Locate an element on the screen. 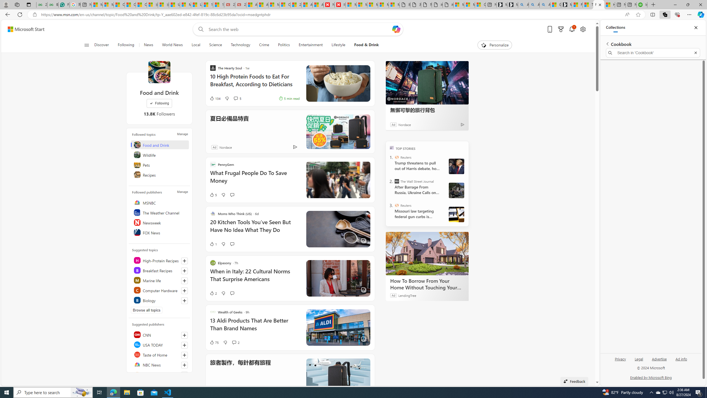 This screenshot has width=707, height=398. 'Class: highlight' is located at coordinates (160, 300).